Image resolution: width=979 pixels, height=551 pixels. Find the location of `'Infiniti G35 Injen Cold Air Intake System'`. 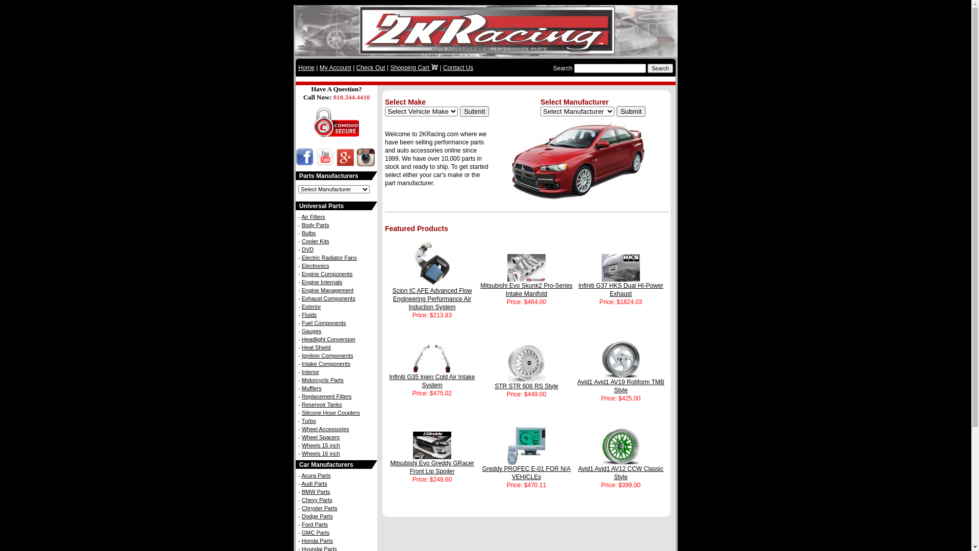

'Infiniti G35 Injen Cold Air Intake System' is located at coordinates (431, 378).